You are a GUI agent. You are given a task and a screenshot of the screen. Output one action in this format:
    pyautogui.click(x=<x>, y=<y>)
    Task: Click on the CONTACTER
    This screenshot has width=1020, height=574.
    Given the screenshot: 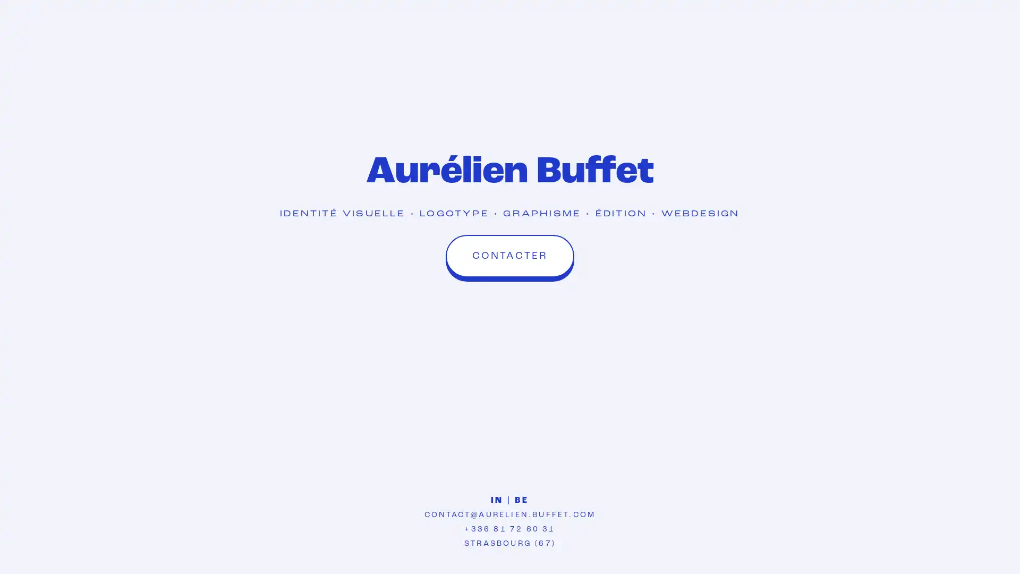 What is the action you would take?
    pyautogui.click(x=509, y=256)
    